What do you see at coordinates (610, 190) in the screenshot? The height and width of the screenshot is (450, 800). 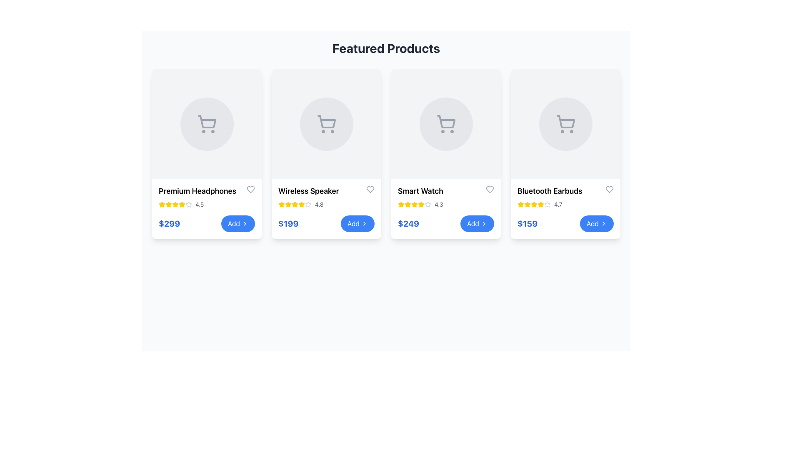 I see `the small heart icon with a stylized outline in light gray color located to the right of the title text 'Bluetooth Earbuds' to favorite the product` at bounding box center [610, 190].